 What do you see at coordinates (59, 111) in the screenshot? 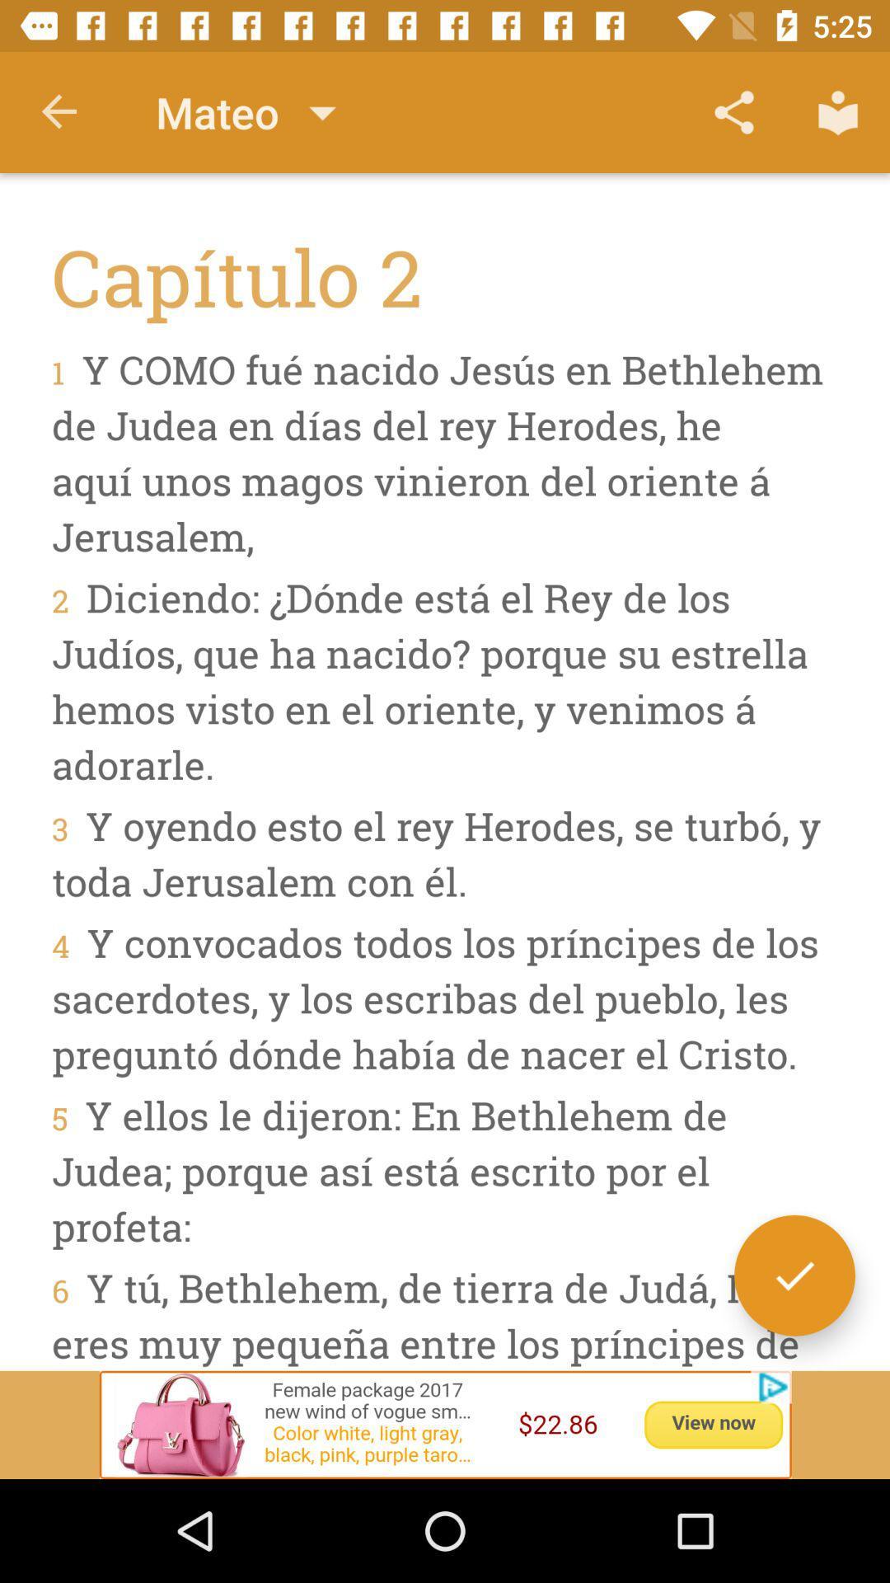
I see `the icon next to the mateo item` at bounding box center [59, 111].